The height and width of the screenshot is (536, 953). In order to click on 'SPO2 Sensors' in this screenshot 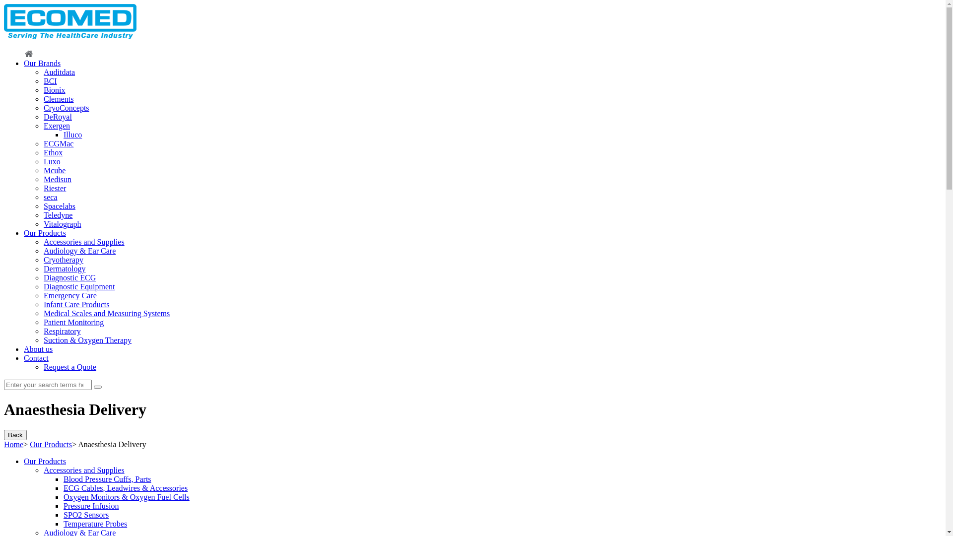, I will do `click(86, 514)`.